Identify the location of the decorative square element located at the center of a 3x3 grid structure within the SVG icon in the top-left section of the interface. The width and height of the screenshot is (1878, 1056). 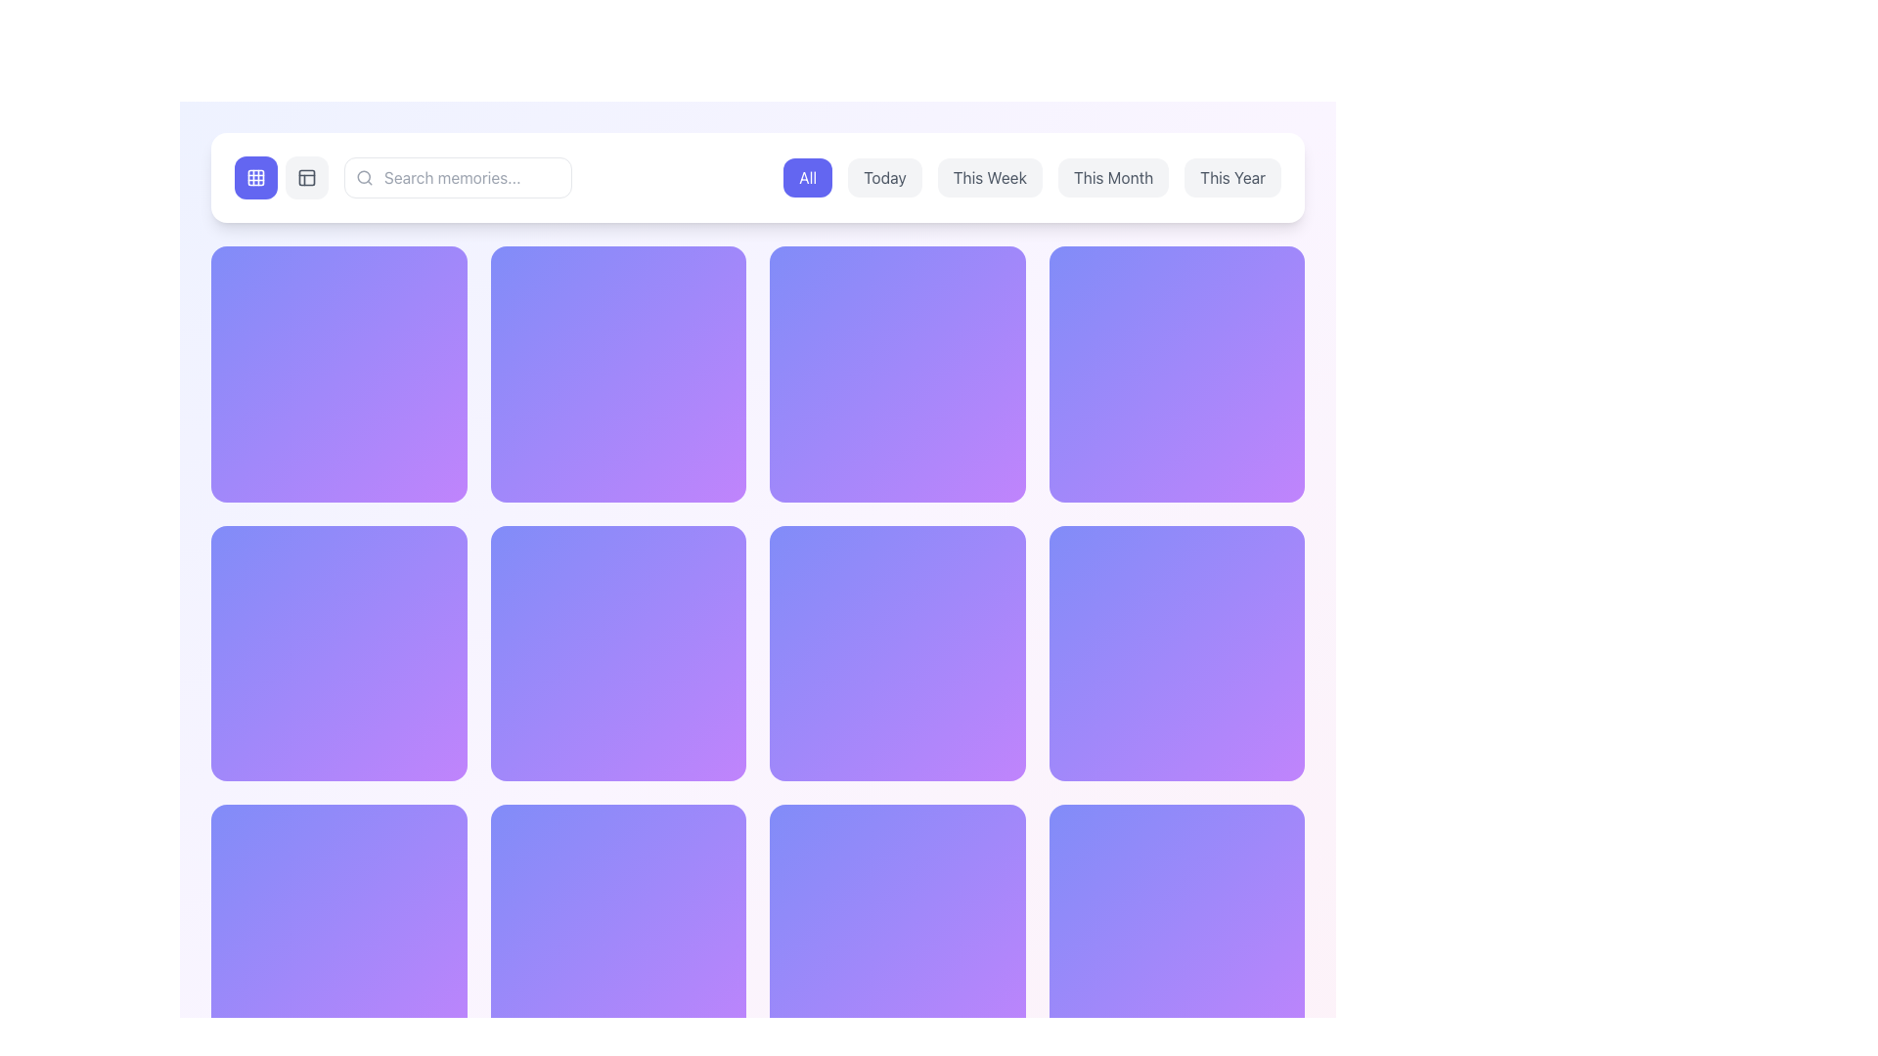
(255, 177).